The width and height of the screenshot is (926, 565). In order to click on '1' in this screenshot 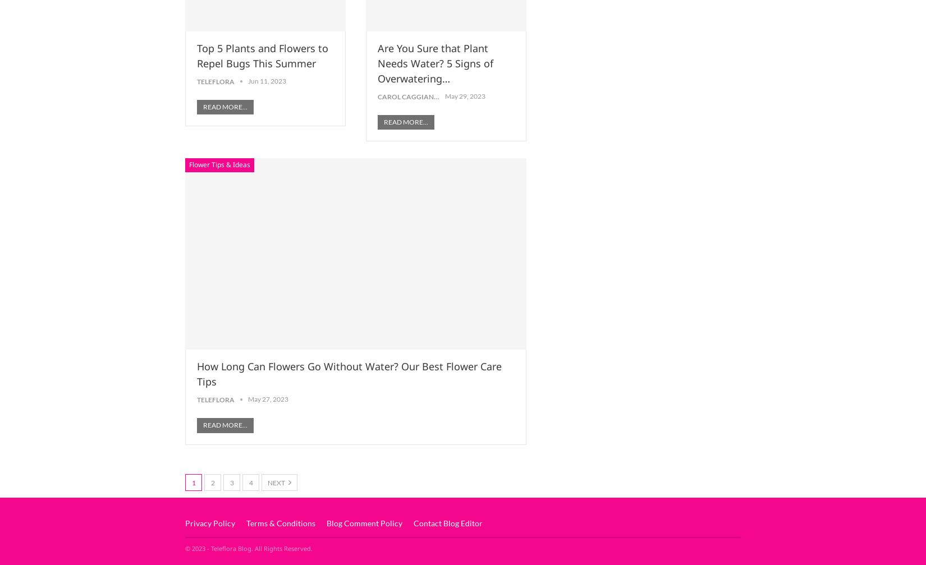, I will do `click(193, 481)`.